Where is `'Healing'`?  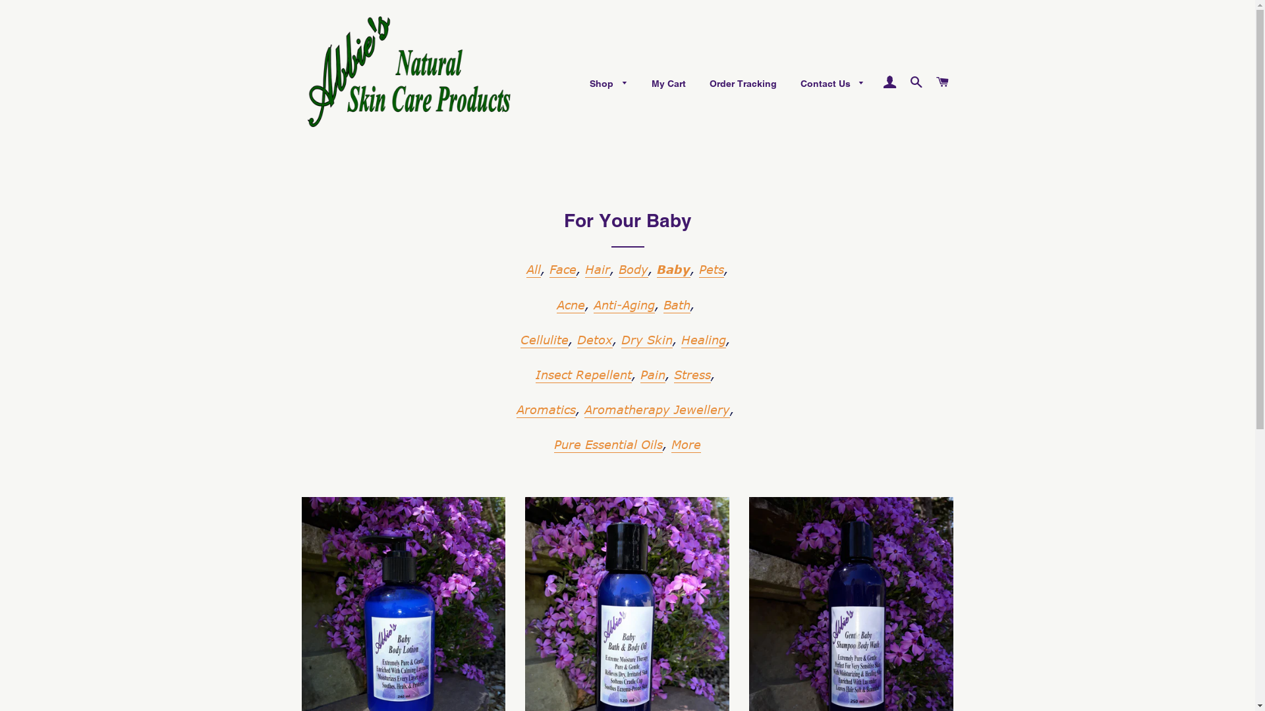 'Healing' is located at coordinates (703, 339).